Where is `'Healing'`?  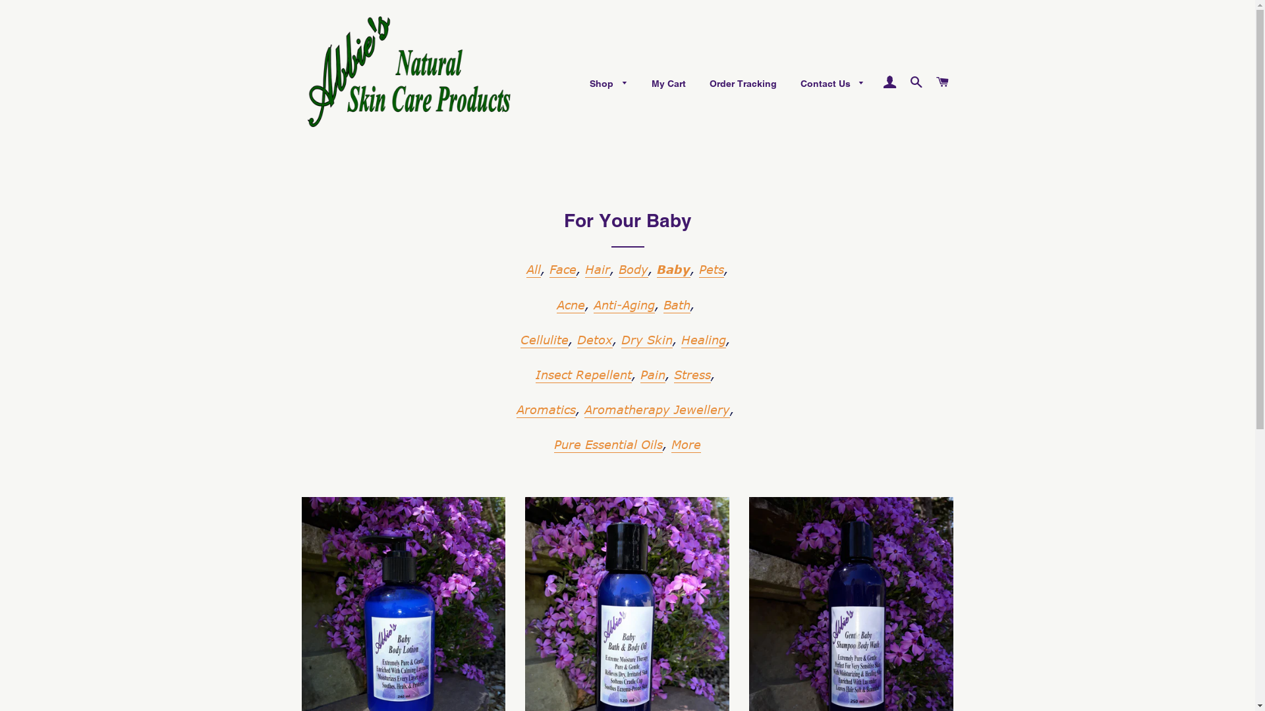 'Healing' is located at coordinates (703, 339).